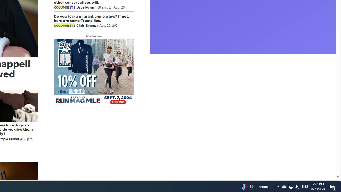  Describe the element at coordinates (94, 72) in the screenshot. I see `'AutomationID: aw0'` at that location.